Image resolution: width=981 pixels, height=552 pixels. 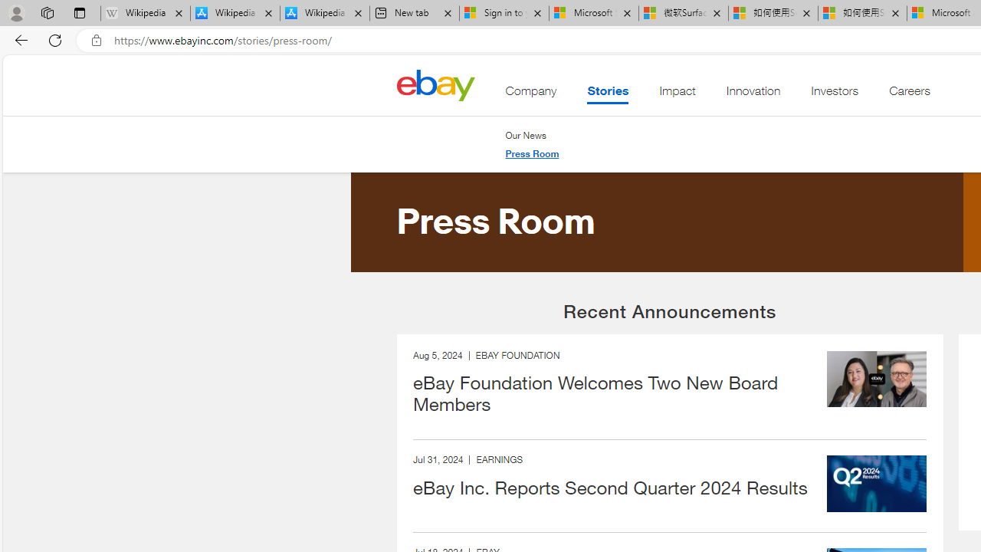 I want to click on 'Class: desktop', so click(x=435, y=85).